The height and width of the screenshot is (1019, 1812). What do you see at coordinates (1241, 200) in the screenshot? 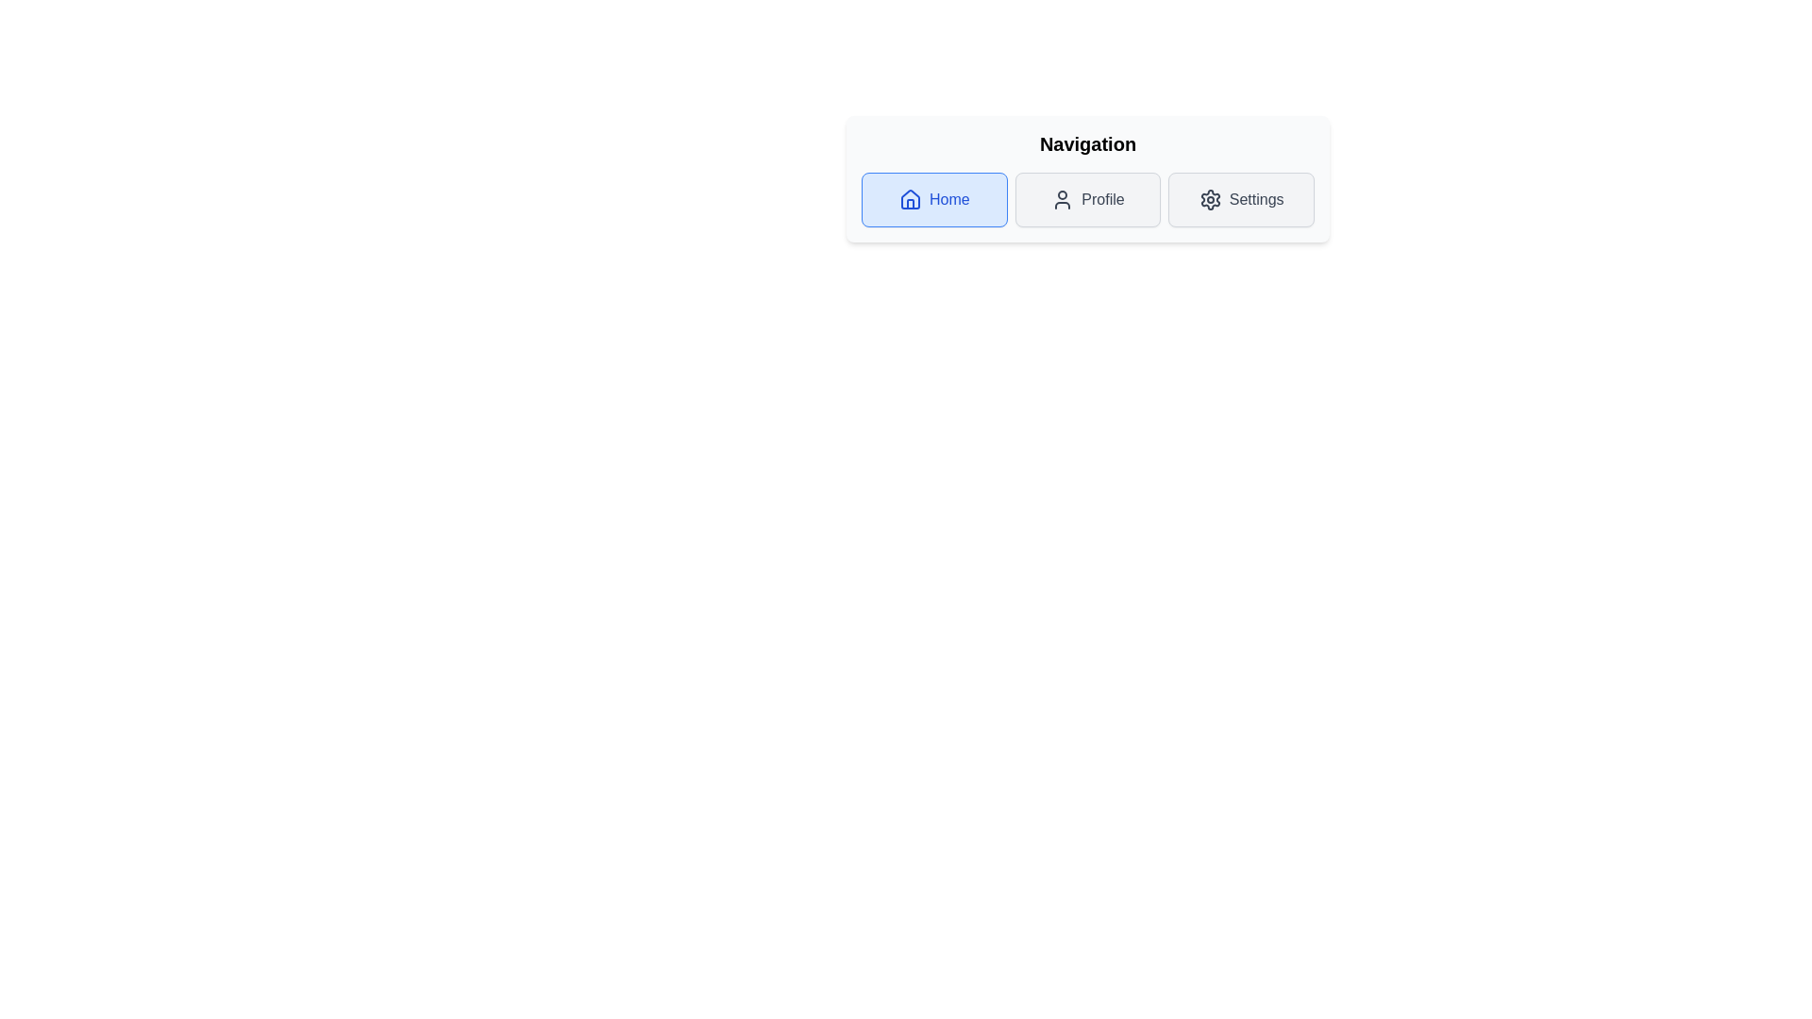
I see `the Settings button in the navigation bar` at bounding box center [1241, 200].